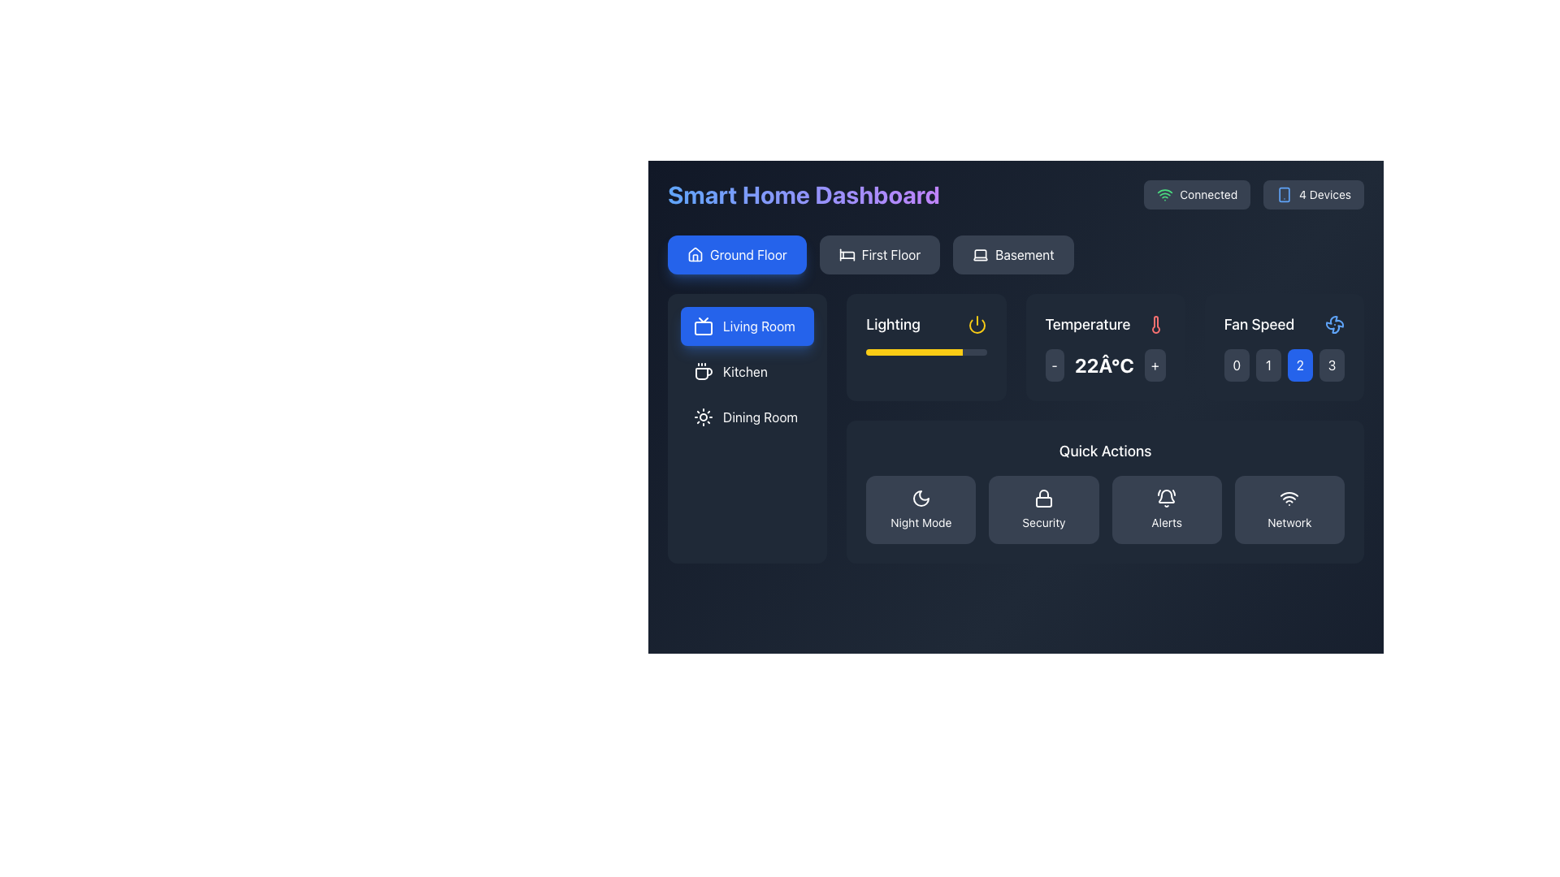 Image resolution: width=1560 pixels, height=877 pixels. What do you see at coordinates (921, 497) in the screenshot?
I see `the 'Night Mode' icon located in the 'Quick Actions' section above the 'Night Mode' label` at bounding box center [921, 497].